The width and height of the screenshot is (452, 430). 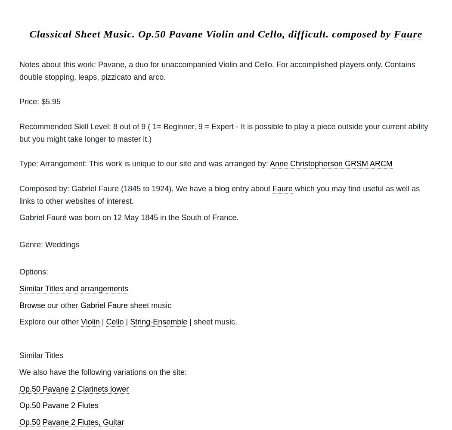 I want to click on 'Browse', so click(x=31, y=305).